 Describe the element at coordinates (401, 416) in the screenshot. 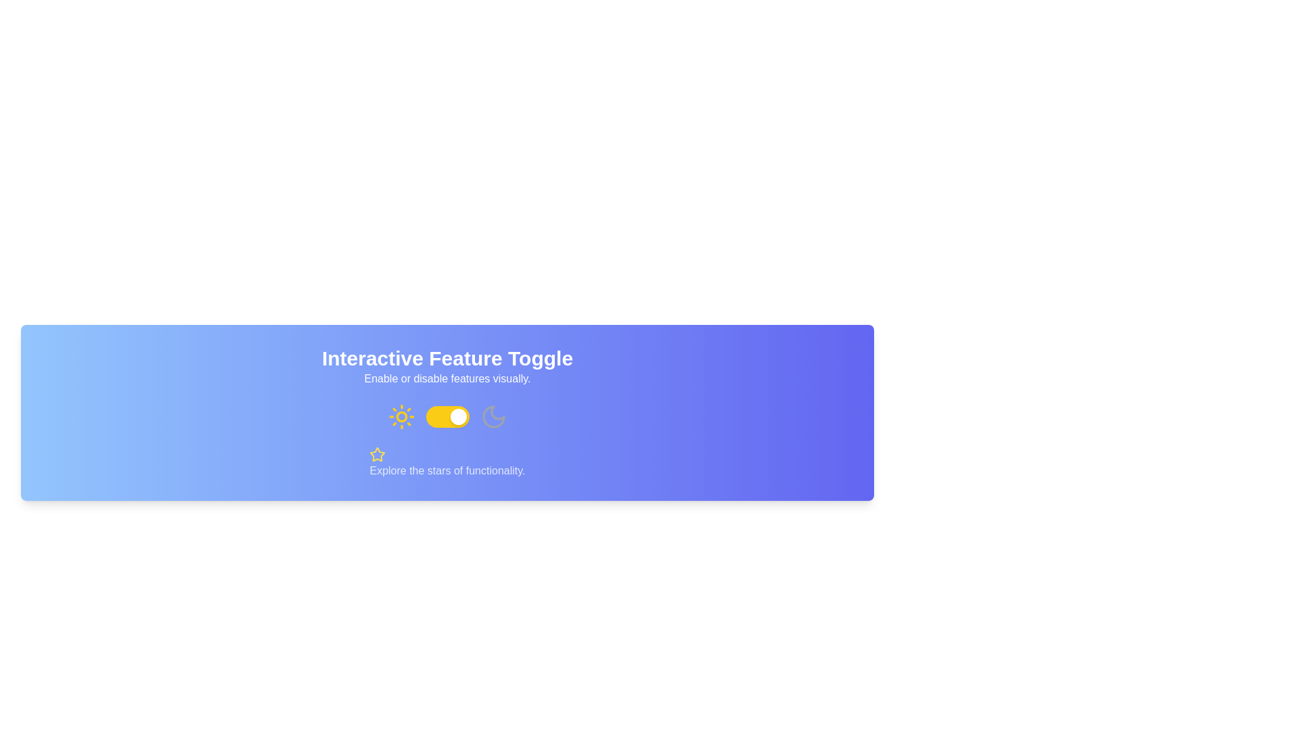

I see `the bright yellow sun icon, which is located within a blue toggle area and positioned to the left of a yellow toggle switch` at that location.